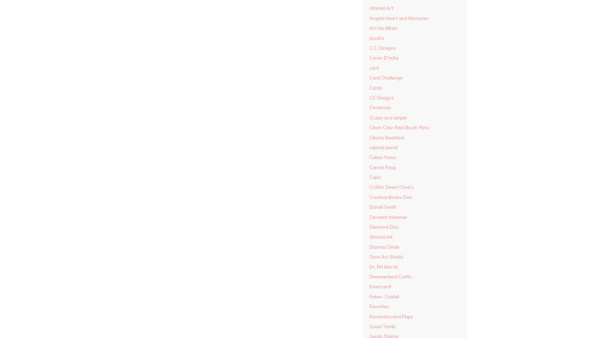  What do you see at coordinates (398, 18) in the screenshot?
I see `'Angels Heart and Memories'` at bounding box center [398, 18].